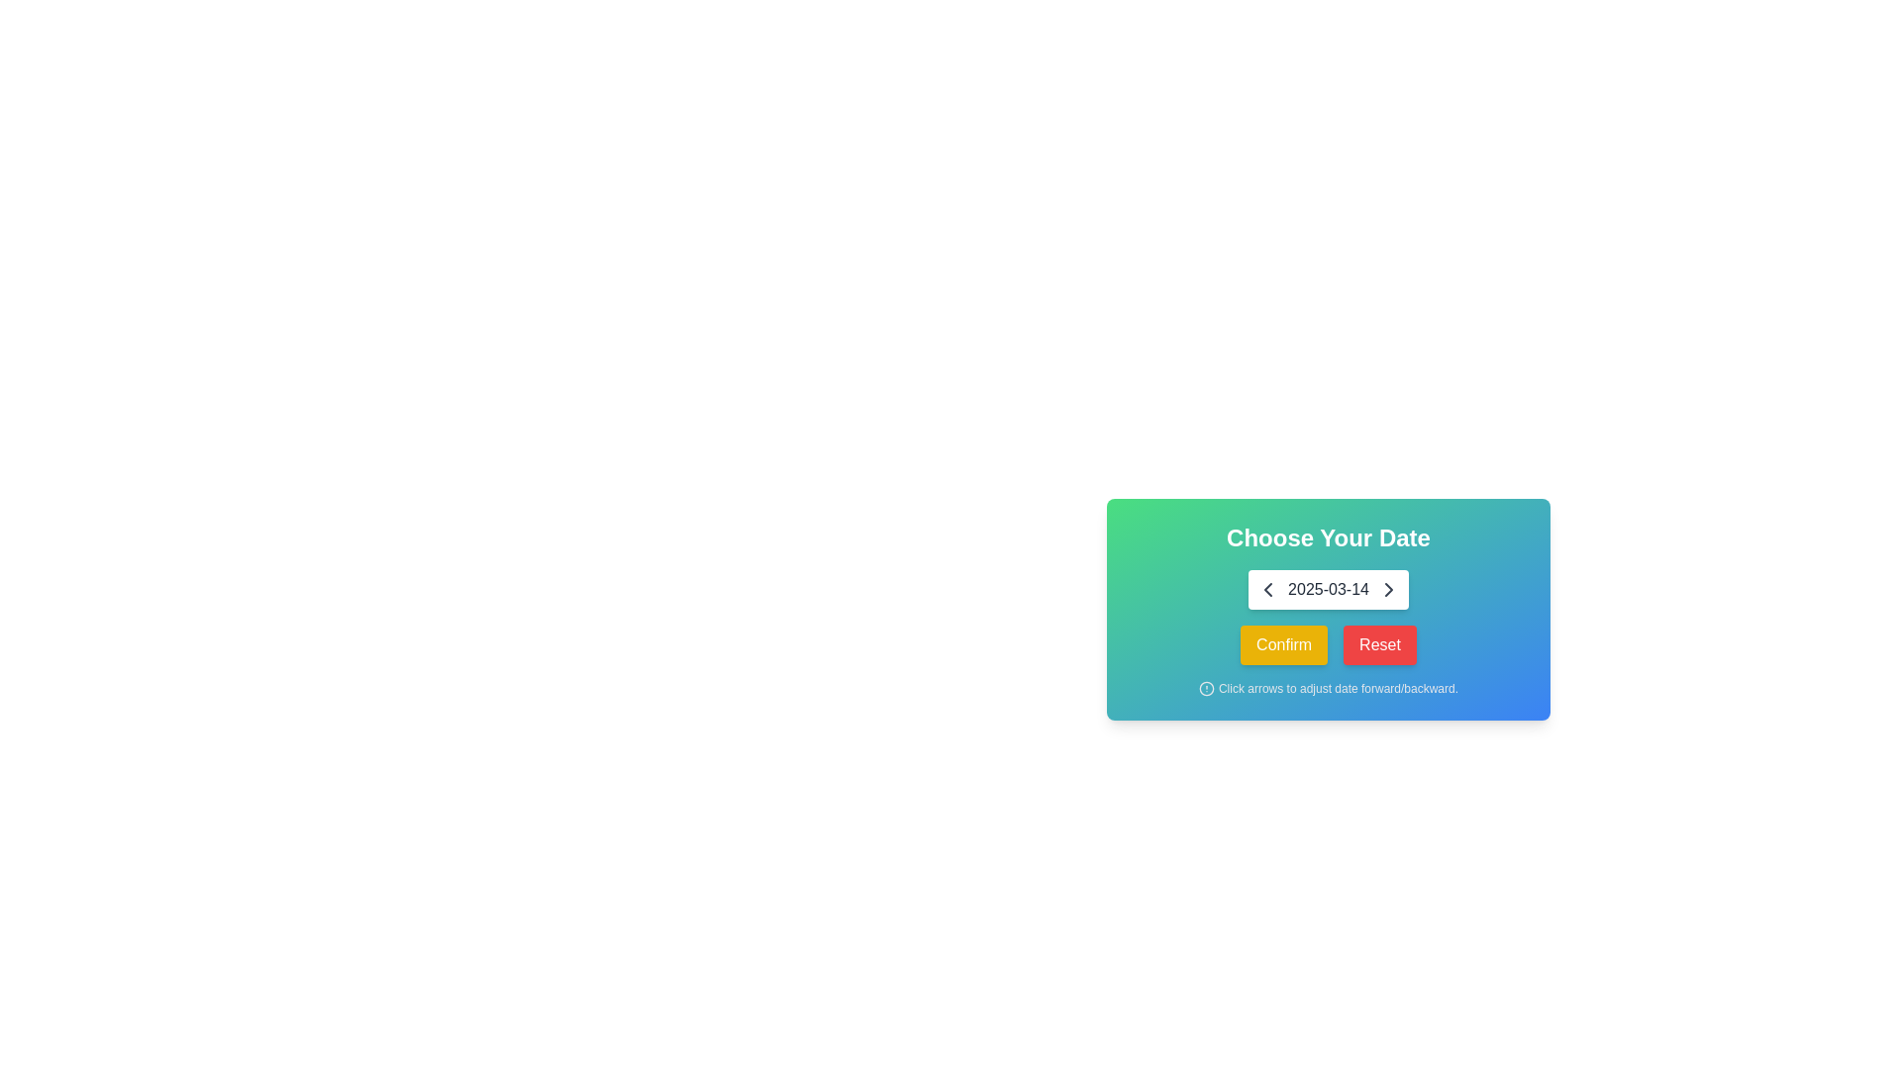 The height and width of the screenshot is (1069, 1901). I want to click on the yellow 'Confirm' button located at the bottom-right of the 'Choose Your Date' dialog to confirm the action, so click(1283, 644).